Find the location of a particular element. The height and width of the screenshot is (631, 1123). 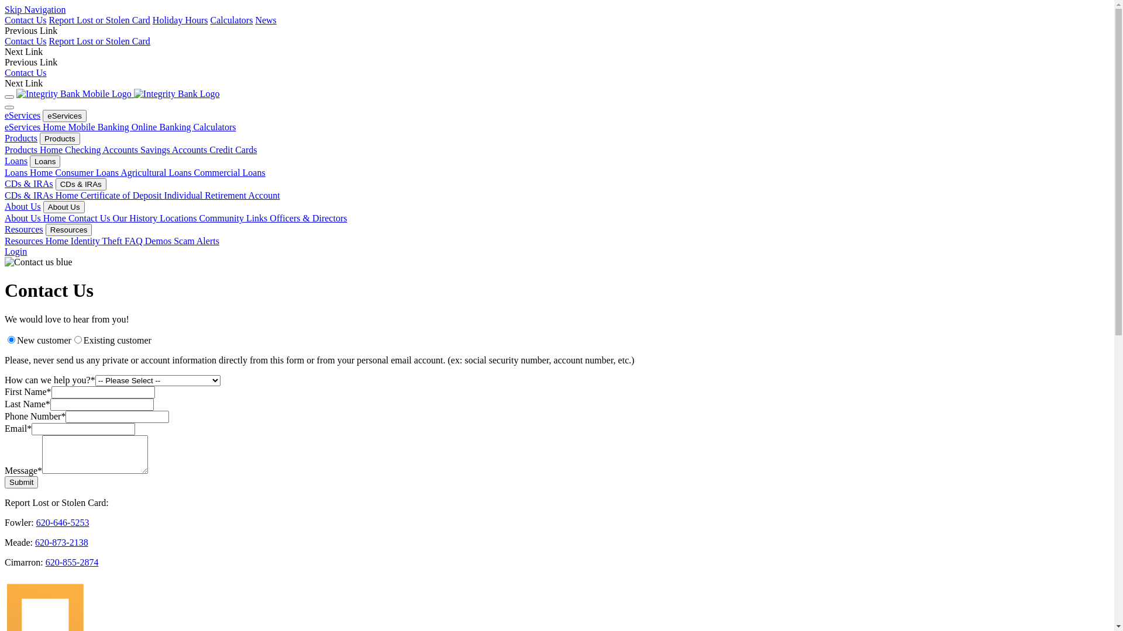

'Commercial Loans' is located at coordinates (230, 172).